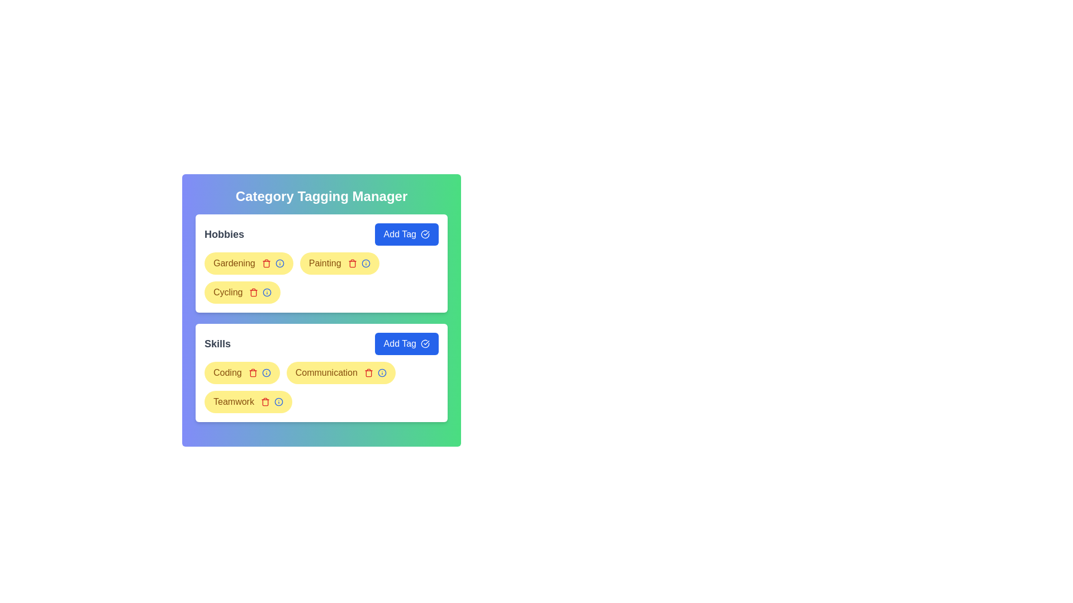 The width and height of the screenshot is (1073, 603). What do you see at coordinates (224, 234) in the screenshot?
I see `the Text label that serves as the title for the 'Hobbies' section in the 'Category Tagging Manager' interface` at bounding box center [224, 234].